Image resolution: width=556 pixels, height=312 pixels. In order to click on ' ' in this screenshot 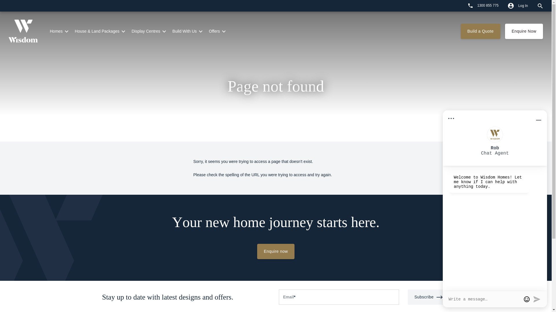, I will do `click(460, 5)`.